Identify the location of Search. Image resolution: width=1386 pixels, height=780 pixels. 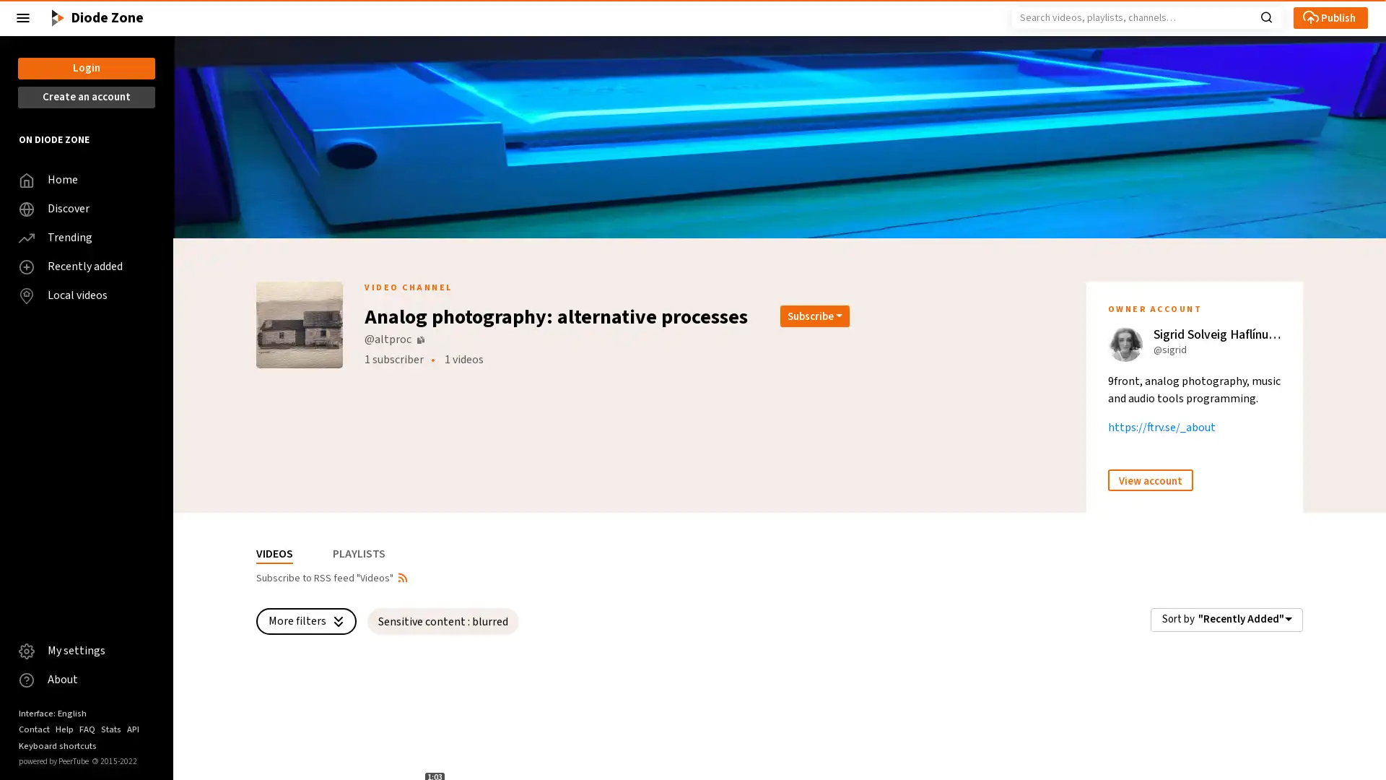
(1265, 16).